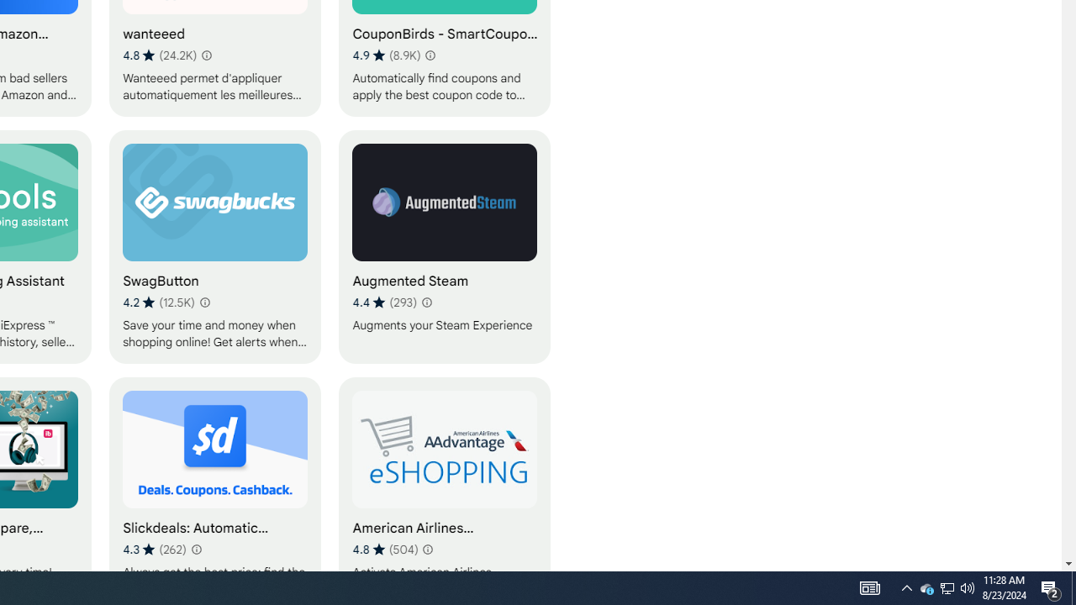 This screenshot has width=1076, height=605. Describe the element at coordinates (203, 302) in the screenshot. I see `'Learn more about results and reviews "SwagButton"'` at that location.